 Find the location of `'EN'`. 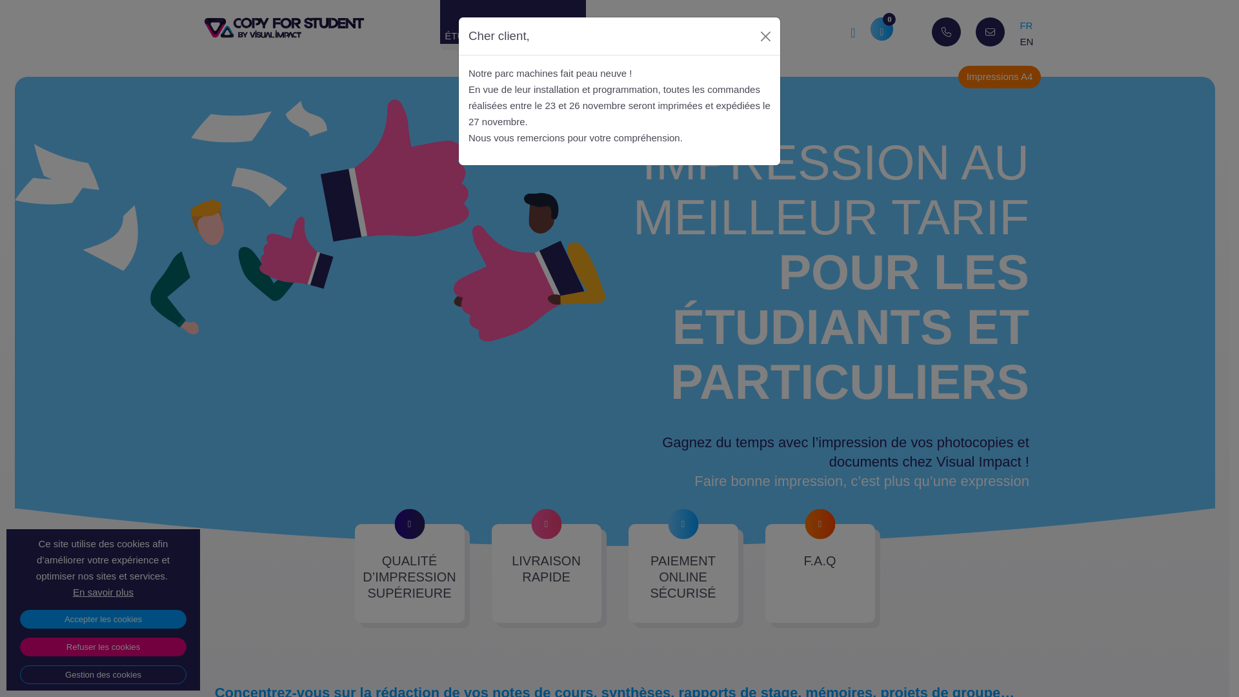

'EN' is located at coordinates (1018, 41).